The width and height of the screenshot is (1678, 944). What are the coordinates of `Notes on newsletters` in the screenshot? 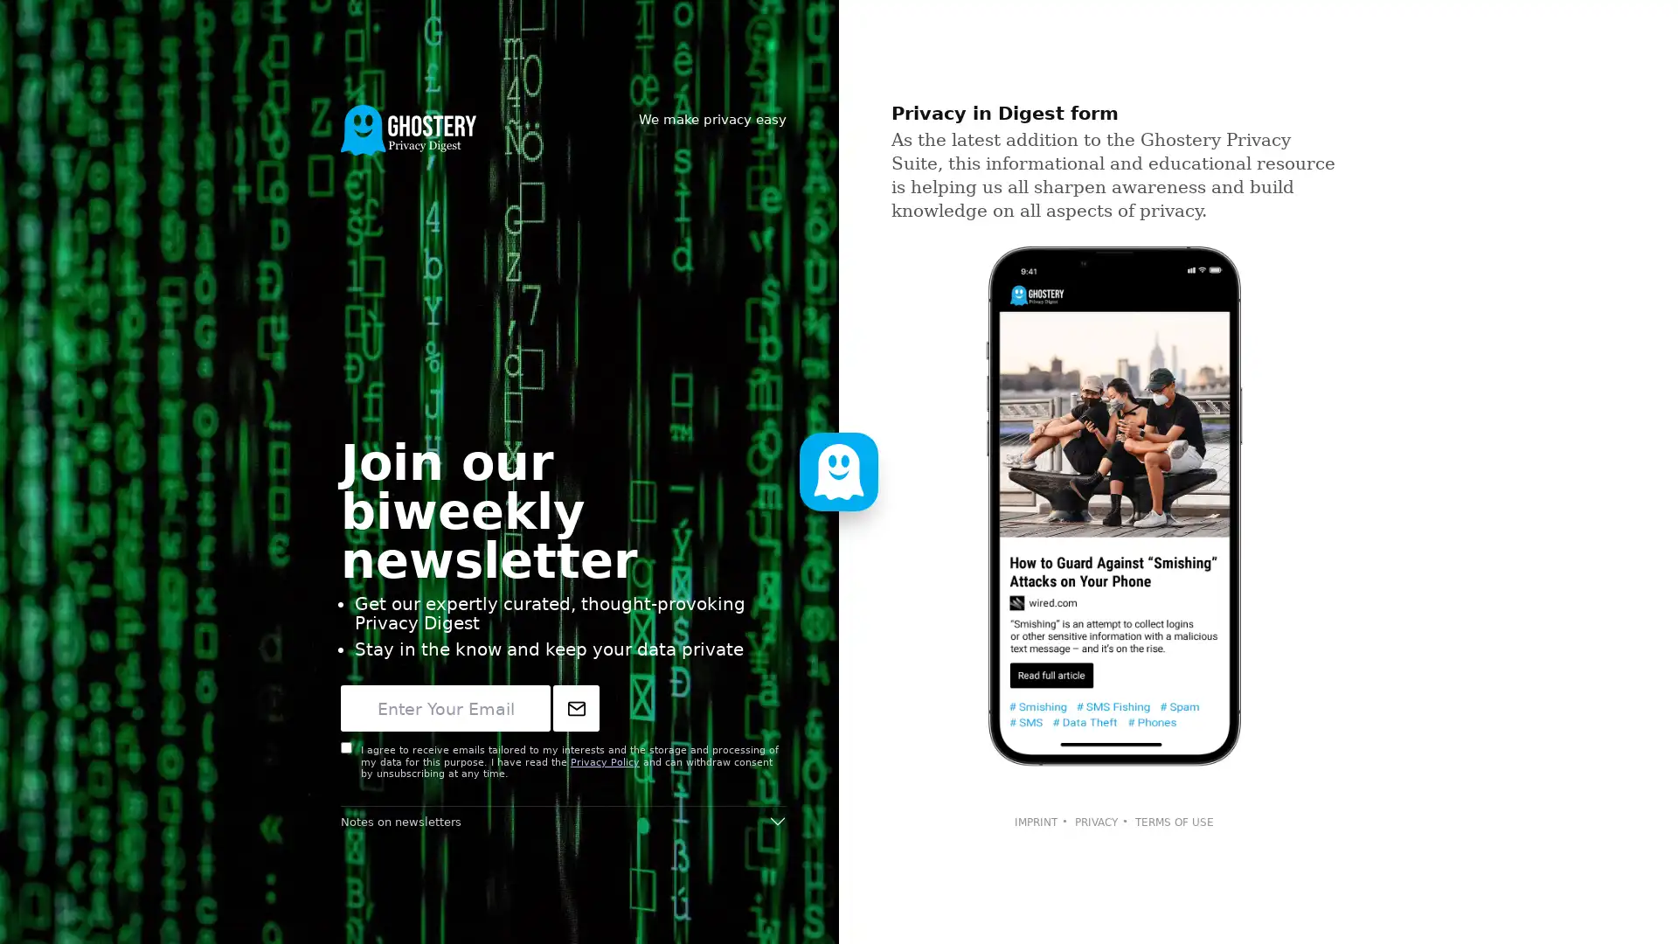 It's located at (563, 822).